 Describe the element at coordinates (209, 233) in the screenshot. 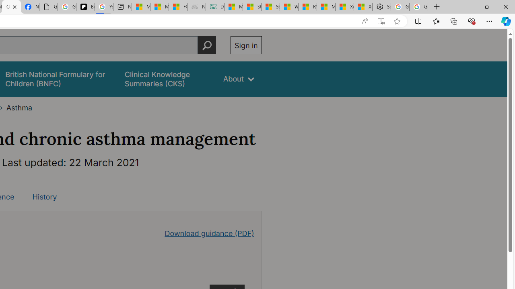

I see `'Download guidance (PDF)'` at that location.